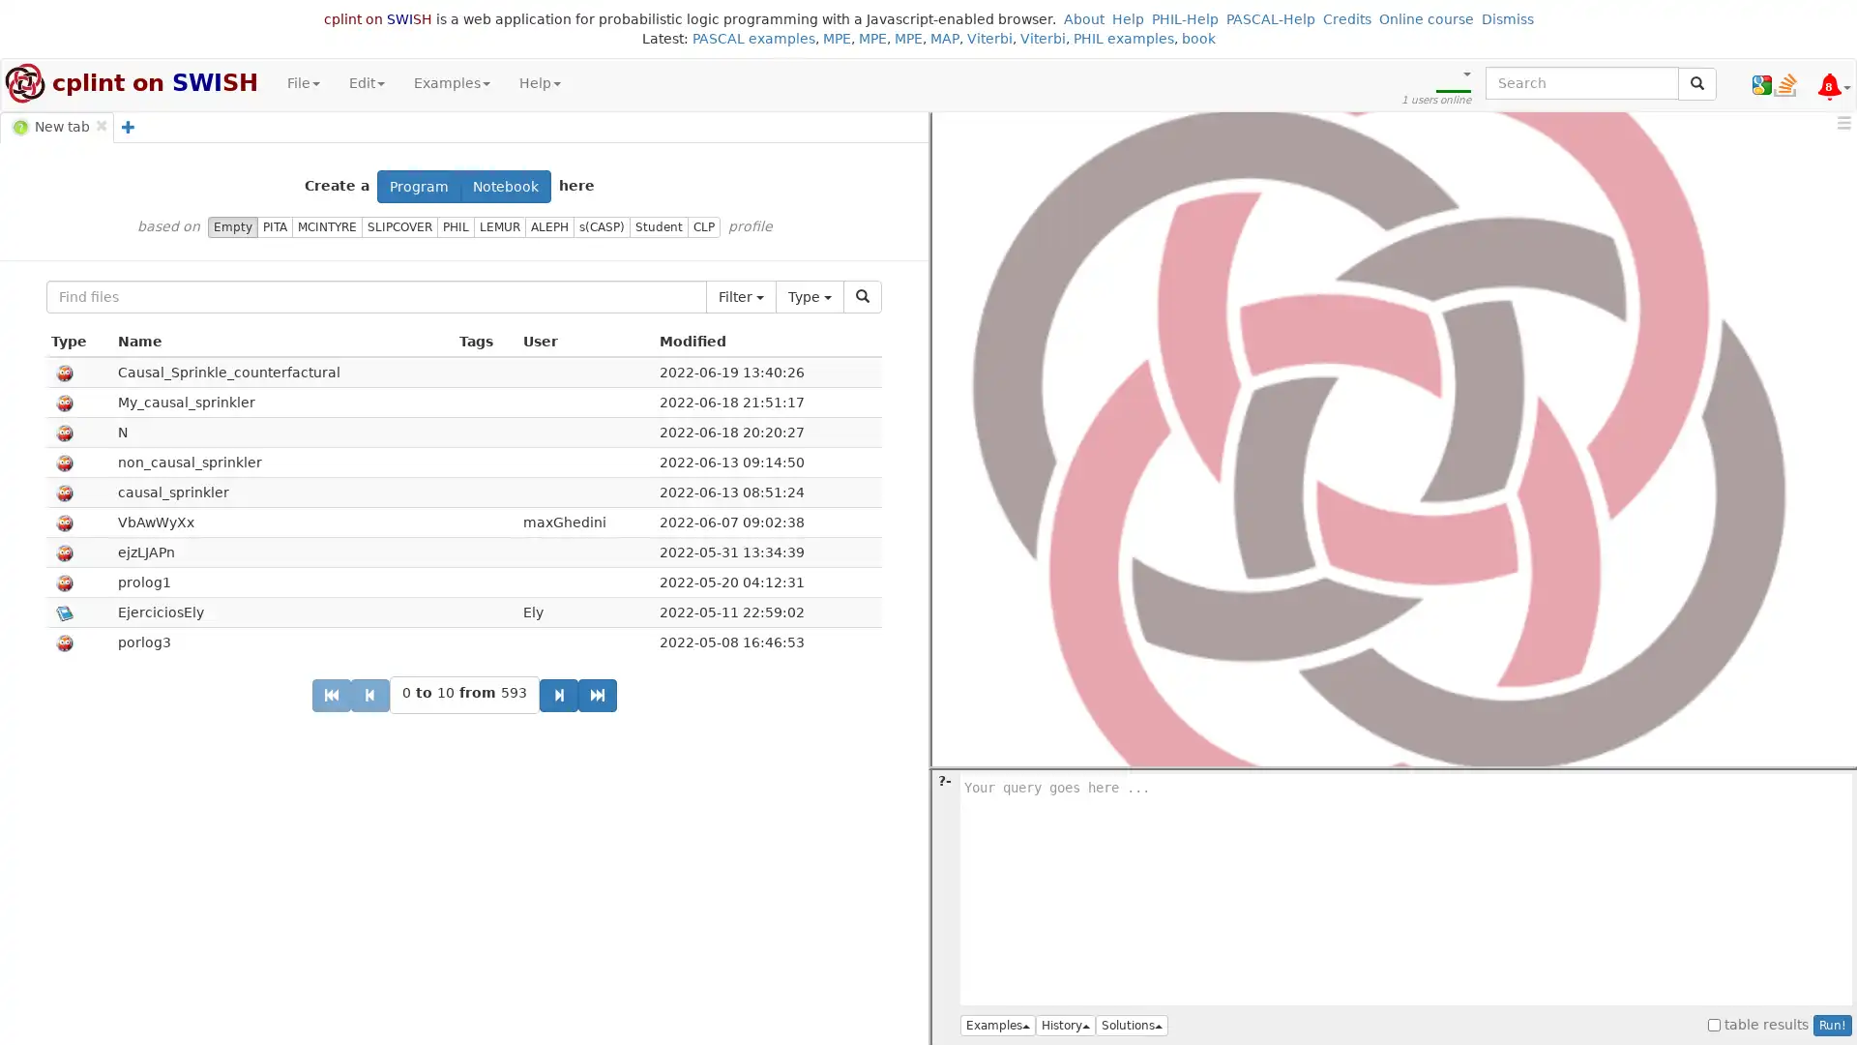 The image size is (1857, 1045). I want to click on 0to10from593, so click(462, 694).